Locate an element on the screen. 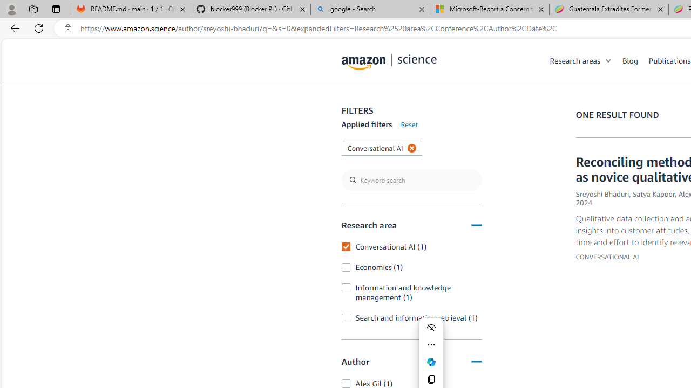 This screenshot has height=388, width=691. 'Copy' is located at coordinates (430, 379).